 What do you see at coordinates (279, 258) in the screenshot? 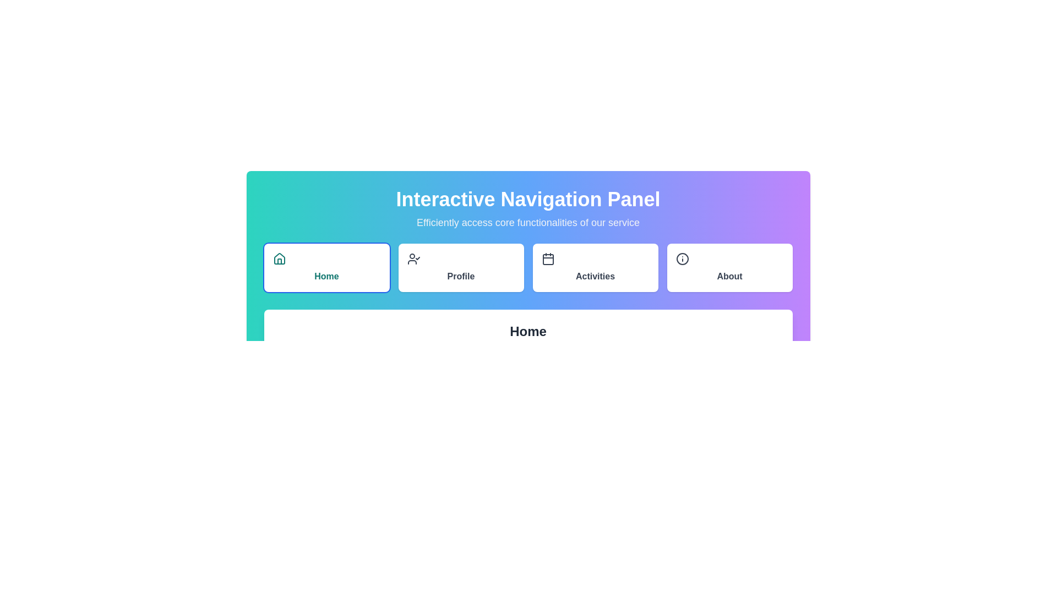
I see `the 'Home' icon located in the leftmost navigation panel, which is above the text label 'Home'` at bounding box center [279, 258].